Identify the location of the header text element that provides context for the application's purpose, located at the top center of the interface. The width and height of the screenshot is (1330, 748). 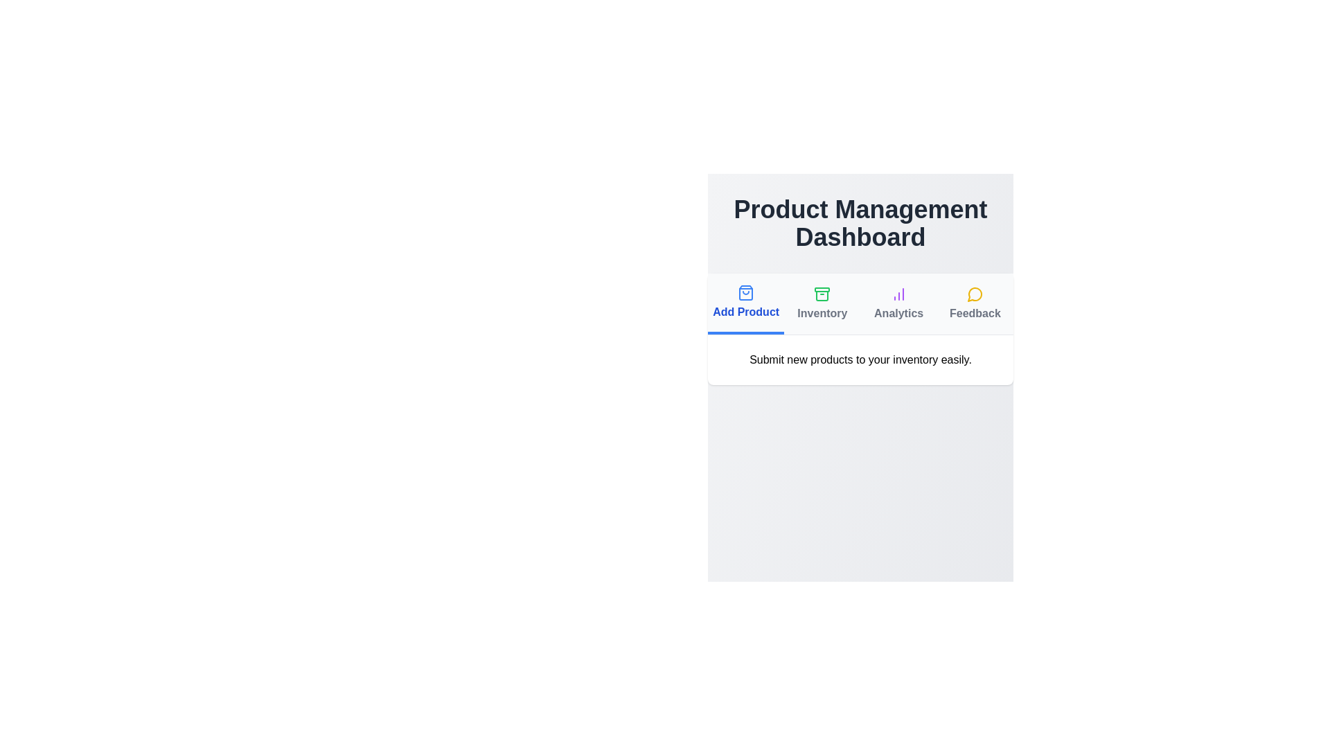
(860, 223).